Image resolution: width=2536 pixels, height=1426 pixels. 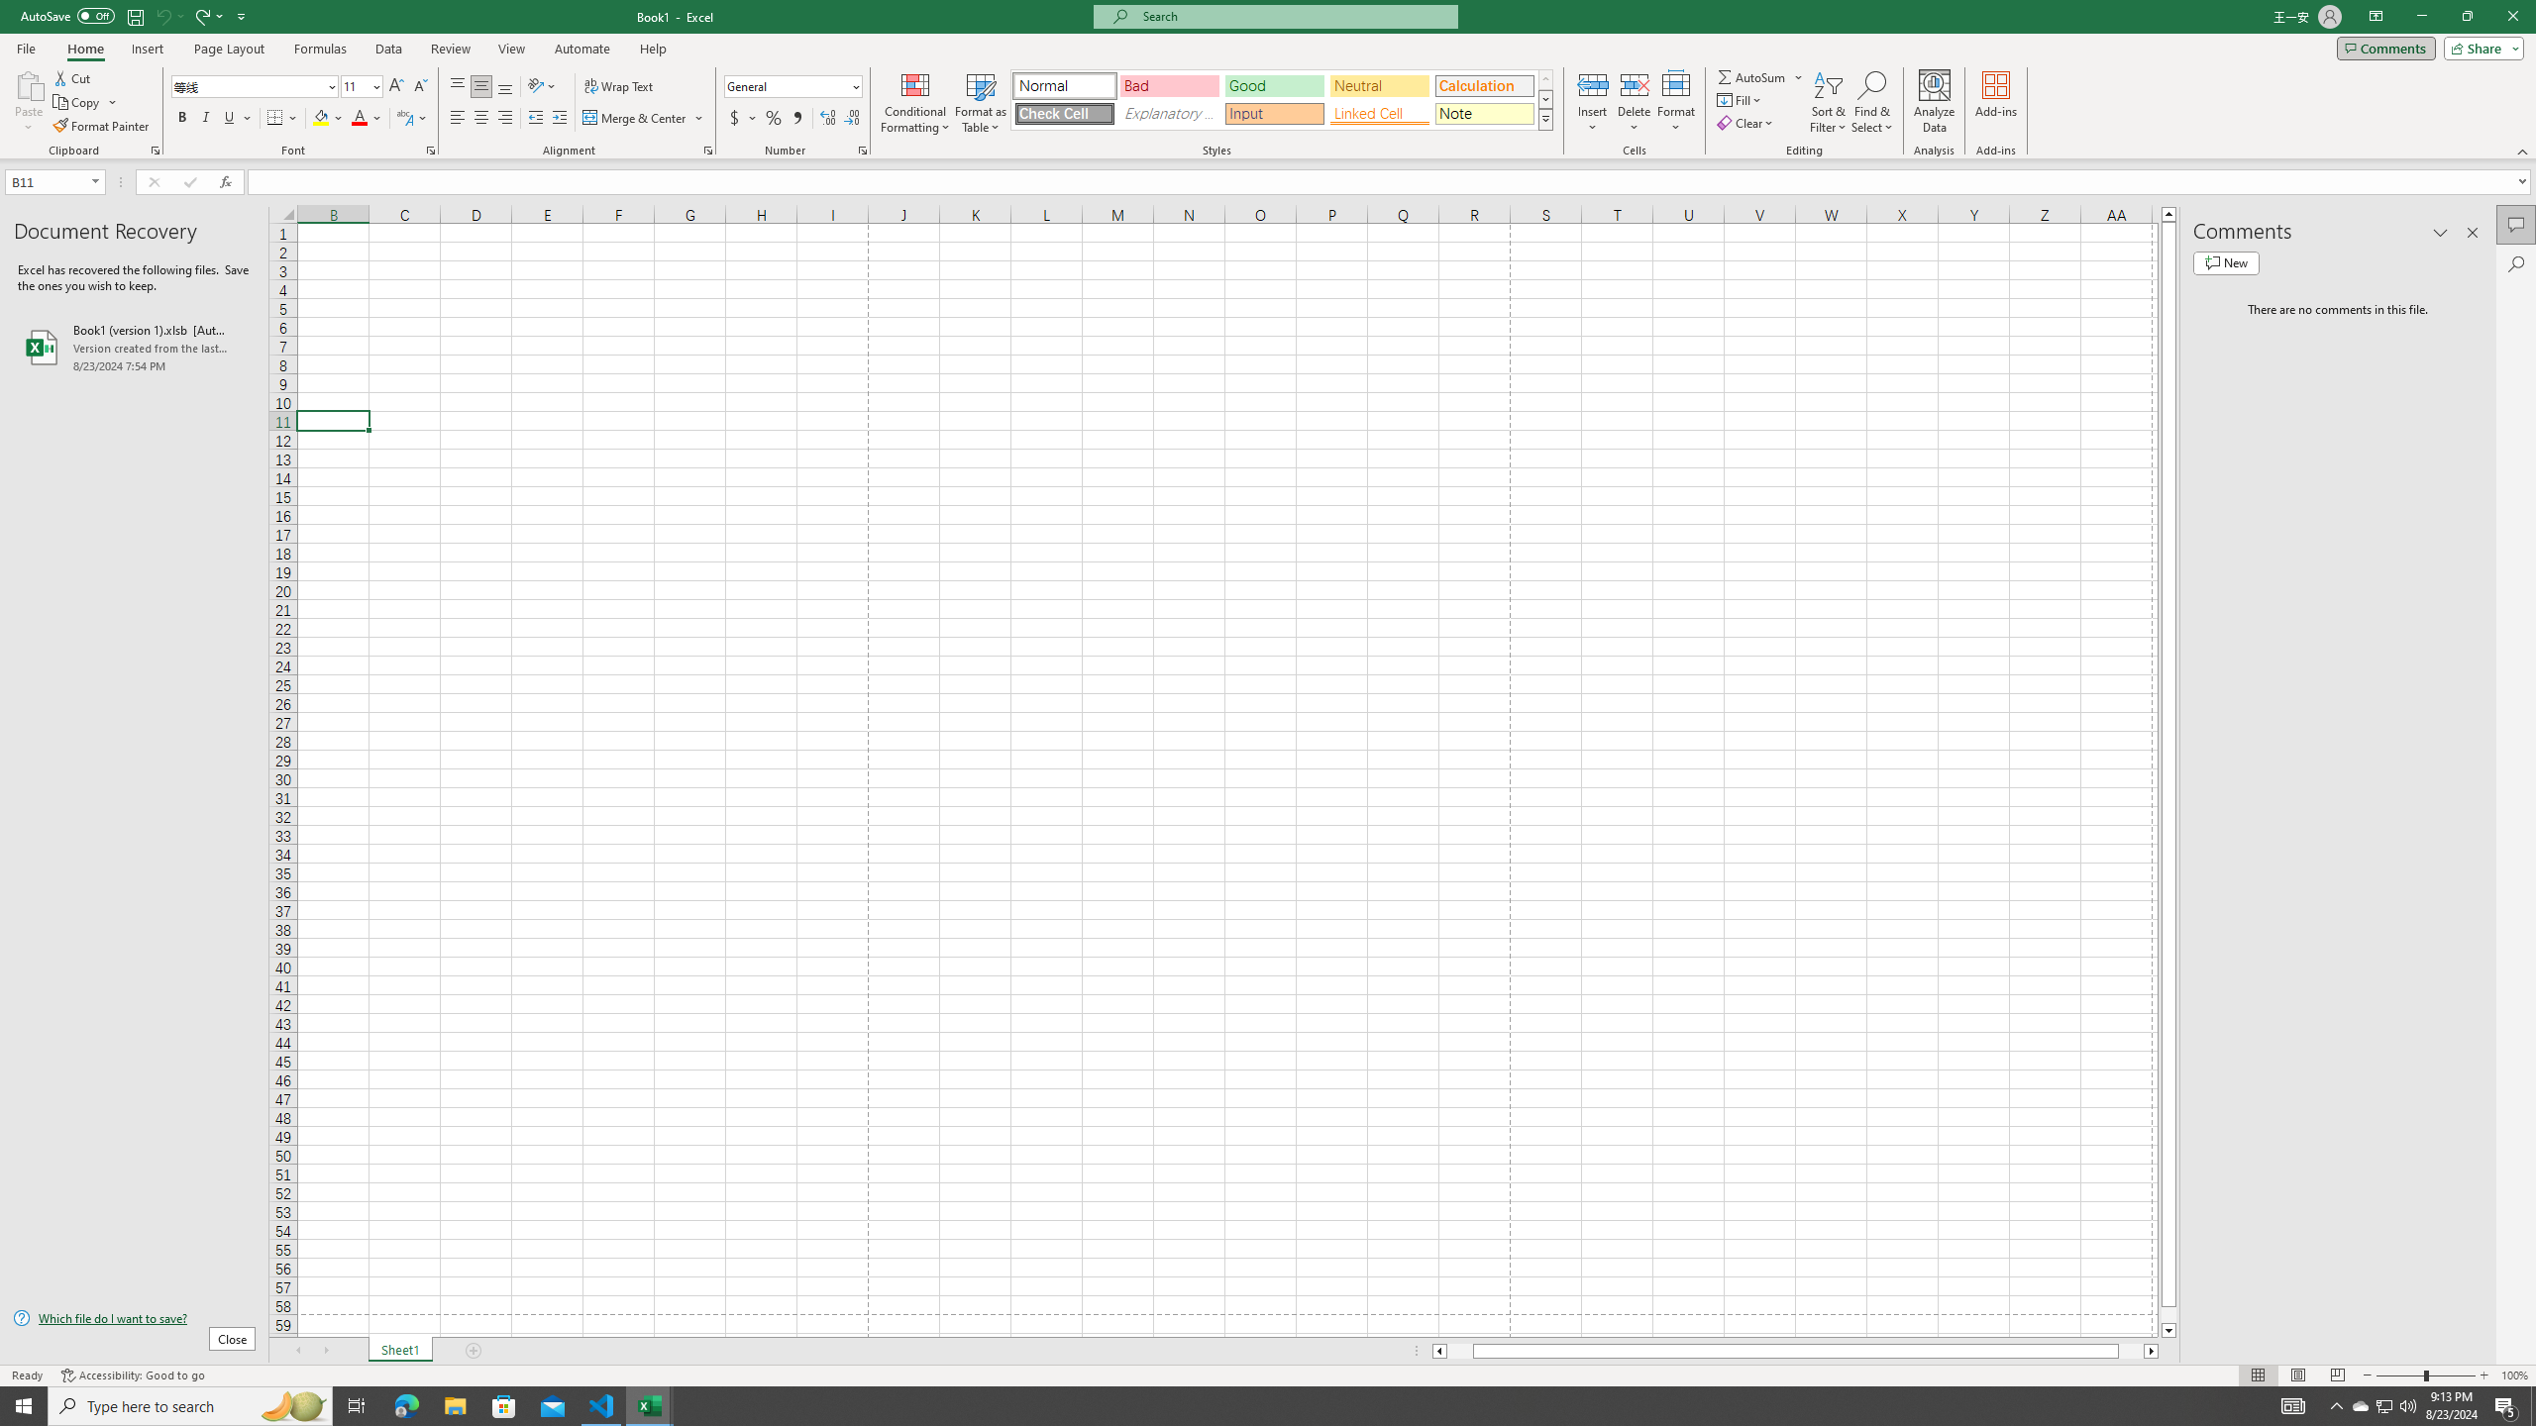 I want to click on 'Wrap Text', so click(x=618, y=86).